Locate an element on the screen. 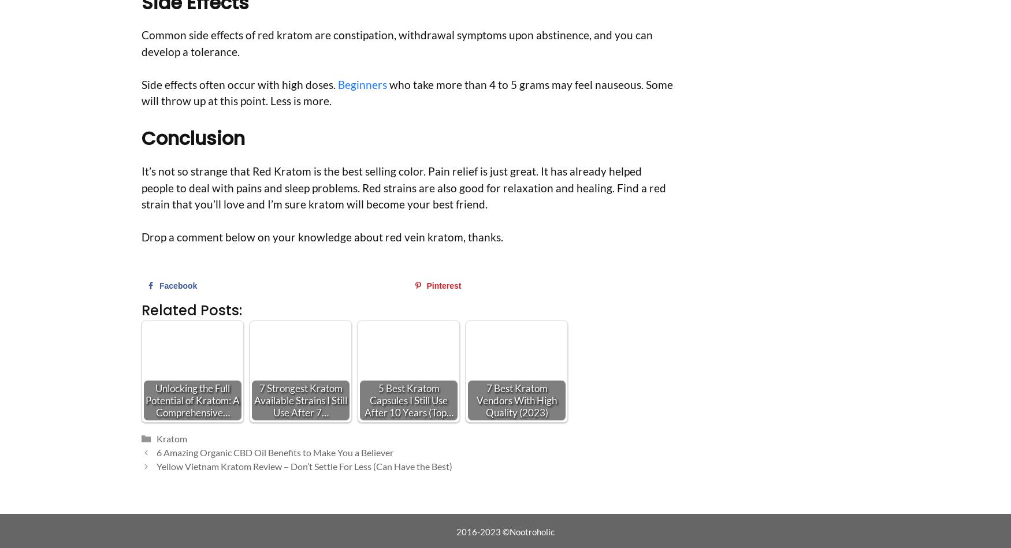 This screenshot has height=548, width=1011. 'Yellow Vietnam Kratom Review – Don’t Settle For Less (Can Have the Best)' is located at coordinates (155, 465).